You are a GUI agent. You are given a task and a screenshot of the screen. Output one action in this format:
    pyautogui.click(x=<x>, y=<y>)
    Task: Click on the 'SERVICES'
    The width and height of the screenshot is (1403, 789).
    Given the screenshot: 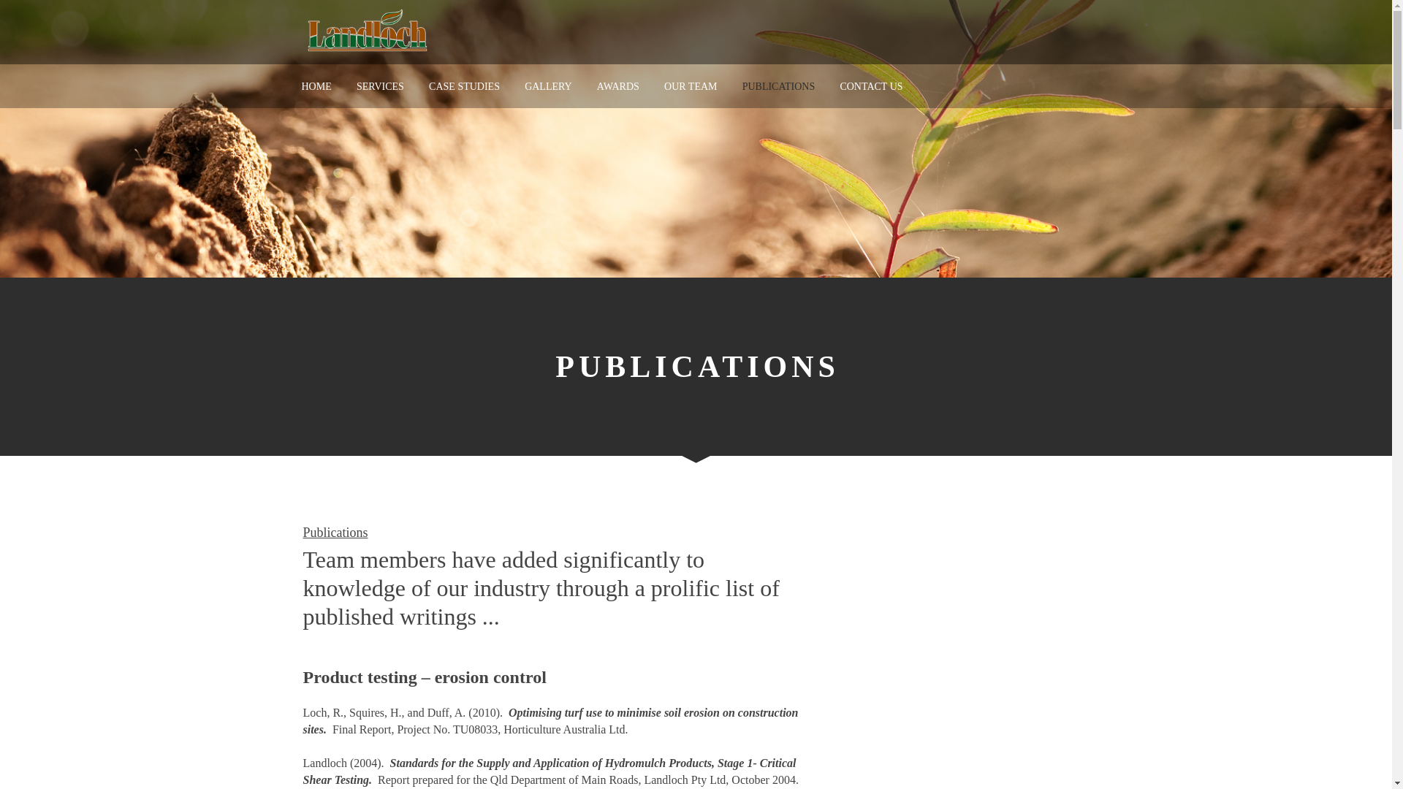 What is the action you would take?
    pyautogui.click(x=380, y=86)
    